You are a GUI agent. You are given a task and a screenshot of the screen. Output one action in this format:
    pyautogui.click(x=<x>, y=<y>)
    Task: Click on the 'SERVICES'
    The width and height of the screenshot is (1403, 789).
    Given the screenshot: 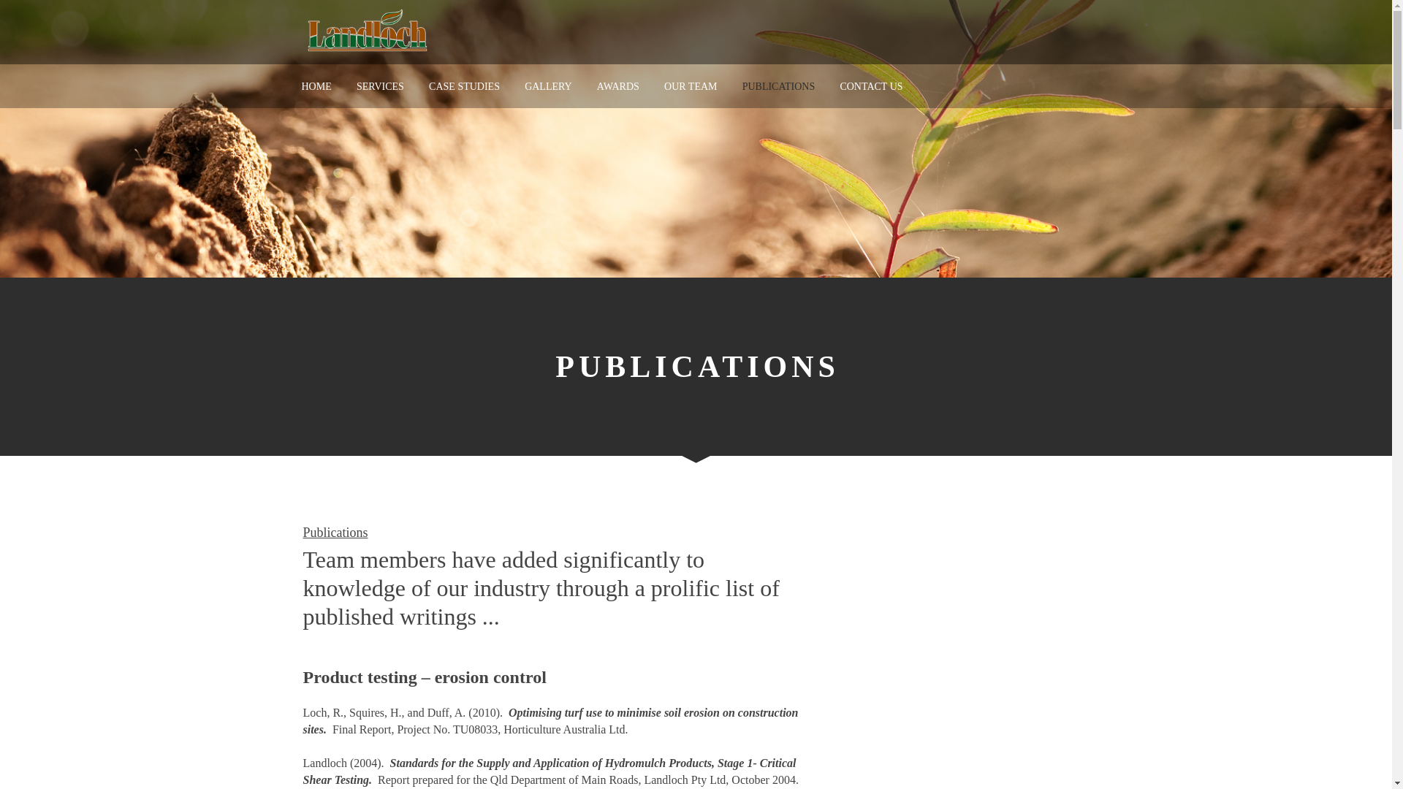 What is the action you would take?
    pyautogui.click(x=380, y=86)
    